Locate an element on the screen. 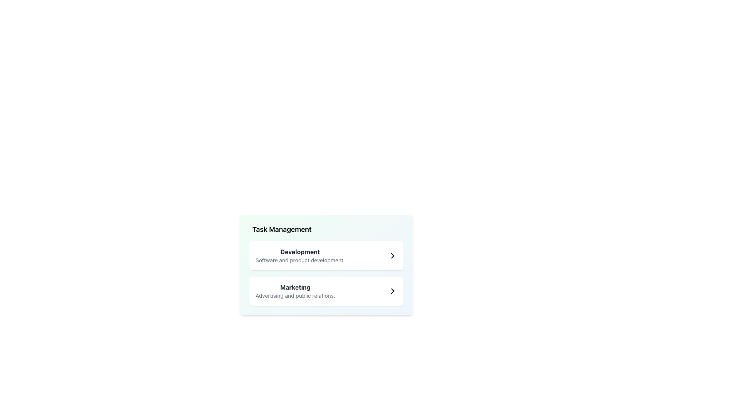  the Text Label that provides a description related to 'Marketing', positioned directly beneath the bolded text is located at coordinates (295, 295).